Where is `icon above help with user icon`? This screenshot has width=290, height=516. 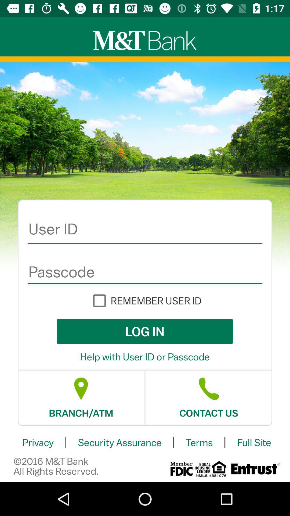
icon above help with user icon is located at coordinates (144, 331).